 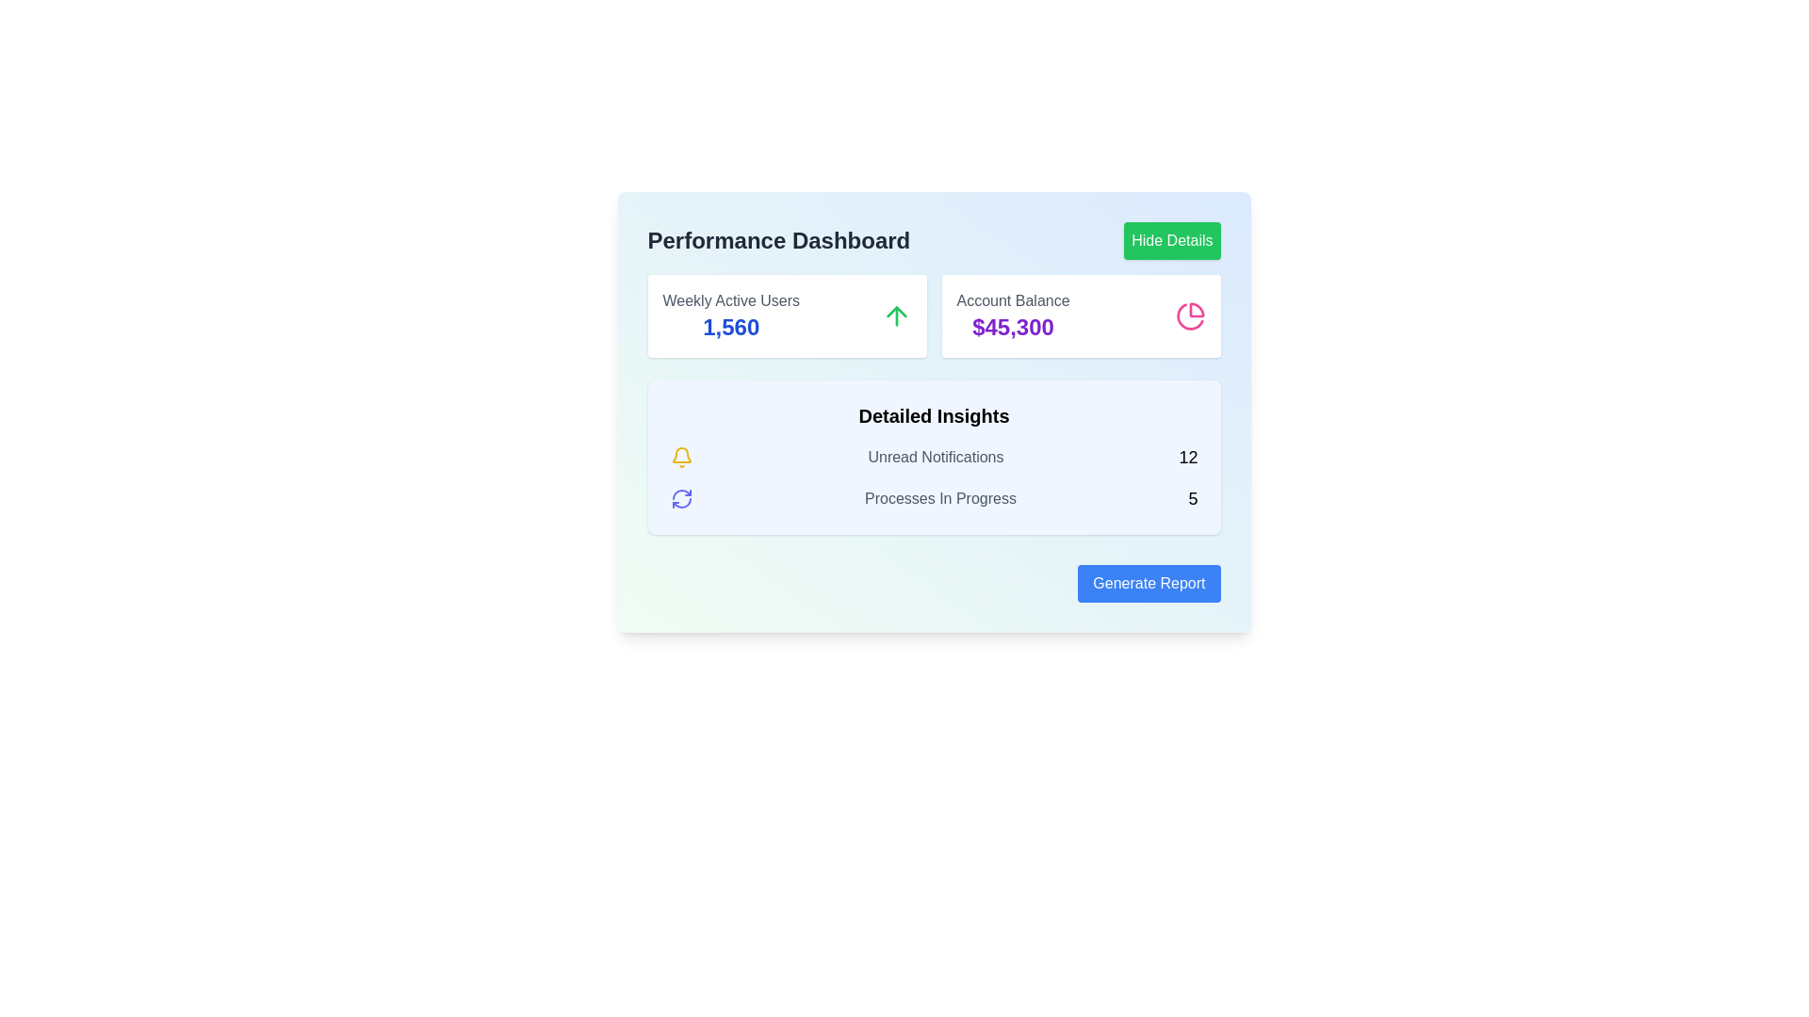 What do you see at coordinates (680, 497) in the screenshot?
I see `the blue rotating refresh icon located within the 'Detailed Insights' card, next to the 'Unread Notifications' section` at bounding box center [680, 497].